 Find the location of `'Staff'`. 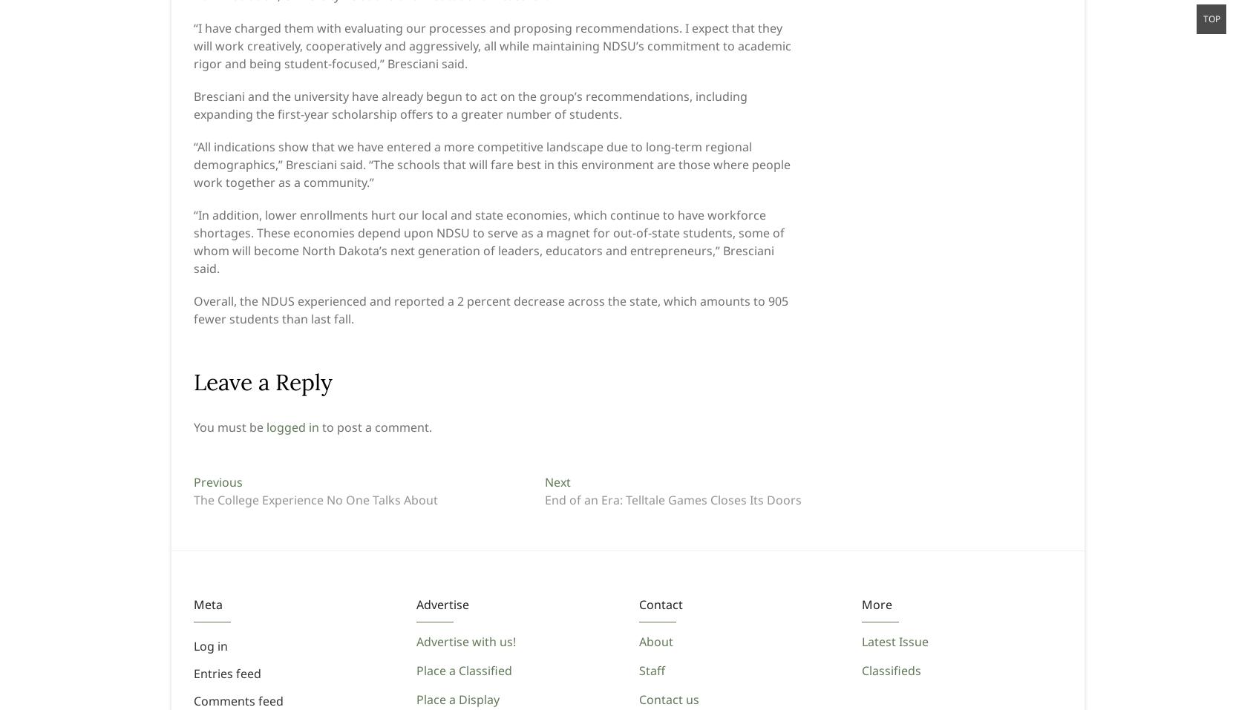

'Staff' is located at coordinates (638, 670).